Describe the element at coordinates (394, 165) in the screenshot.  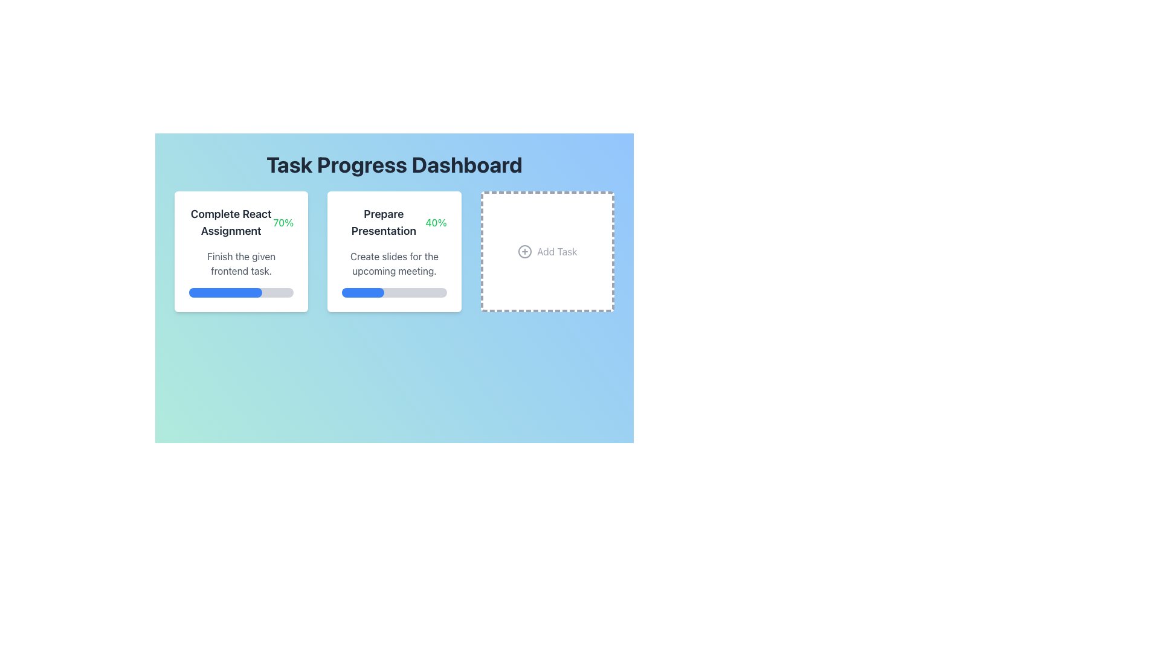
I see `text label titled 'Task Progress Dashboard', which is bold and centered at the top of the content area` at that location.